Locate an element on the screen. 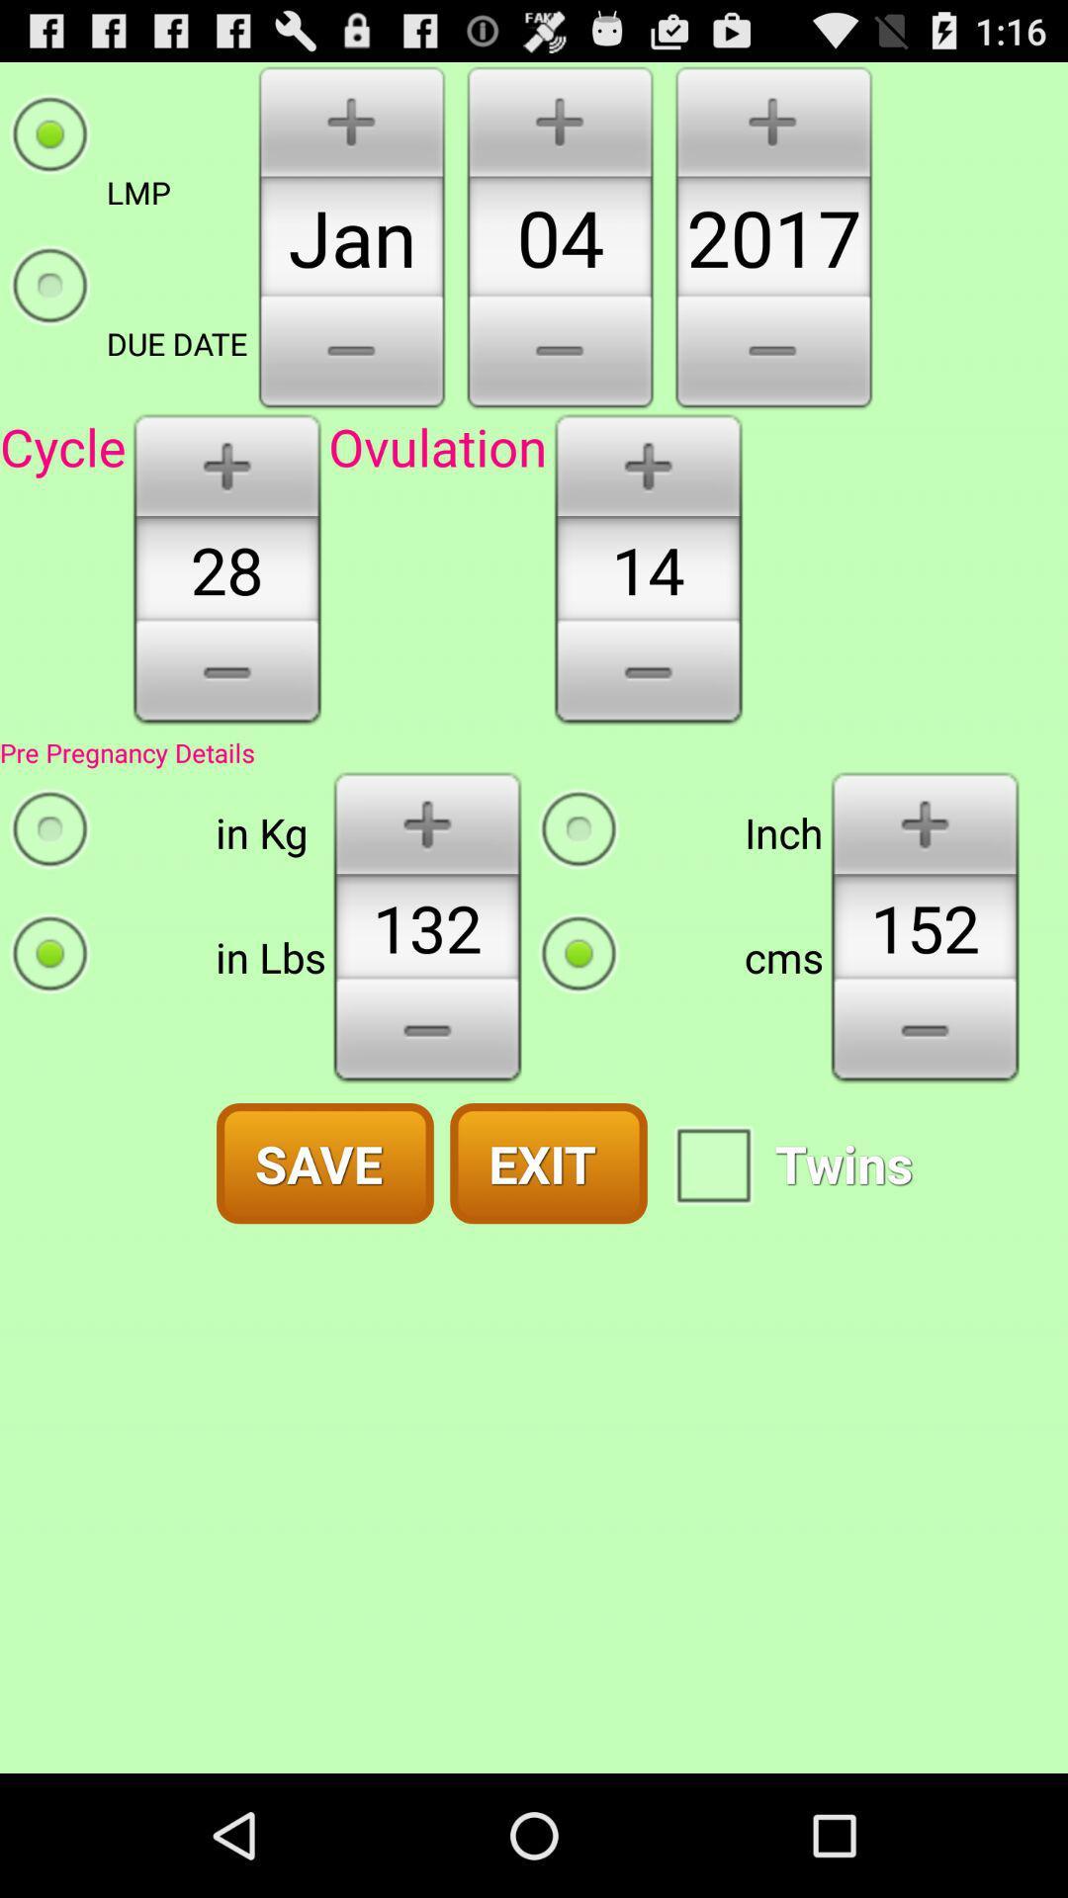 This screenshot has height=1898, width=1068. increment one more is located at coordinates (648, 463).